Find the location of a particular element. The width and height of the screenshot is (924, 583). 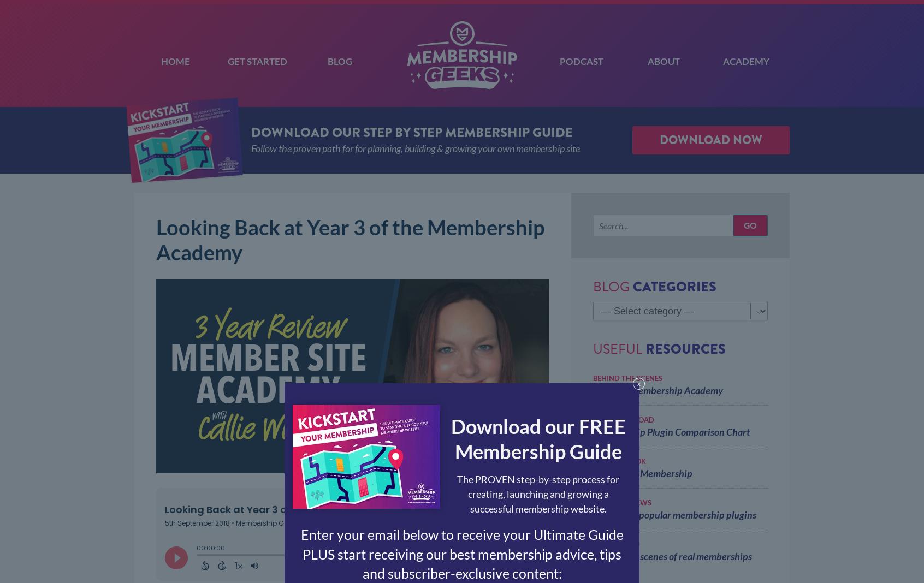

'Useful' is located at coordinates (618, 348).